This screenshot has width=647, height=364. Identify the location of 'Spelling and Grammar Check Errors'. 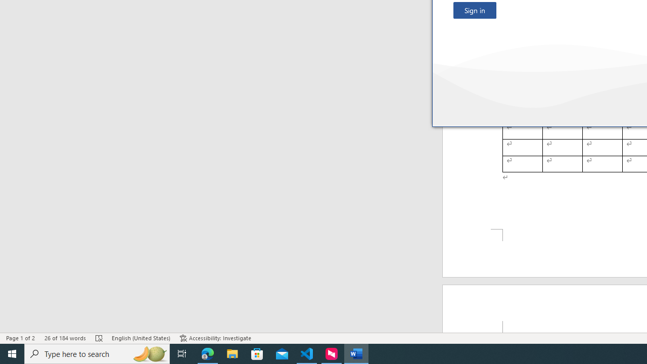
(99, 338).